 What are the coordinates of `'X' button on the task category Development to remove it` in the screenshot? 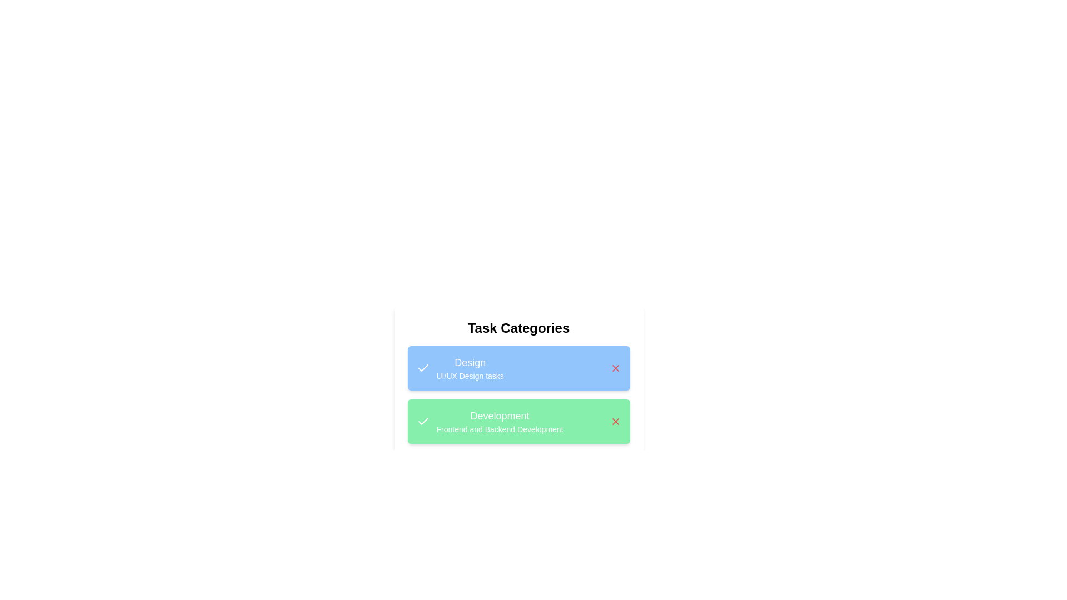 It's located at (615, 422).